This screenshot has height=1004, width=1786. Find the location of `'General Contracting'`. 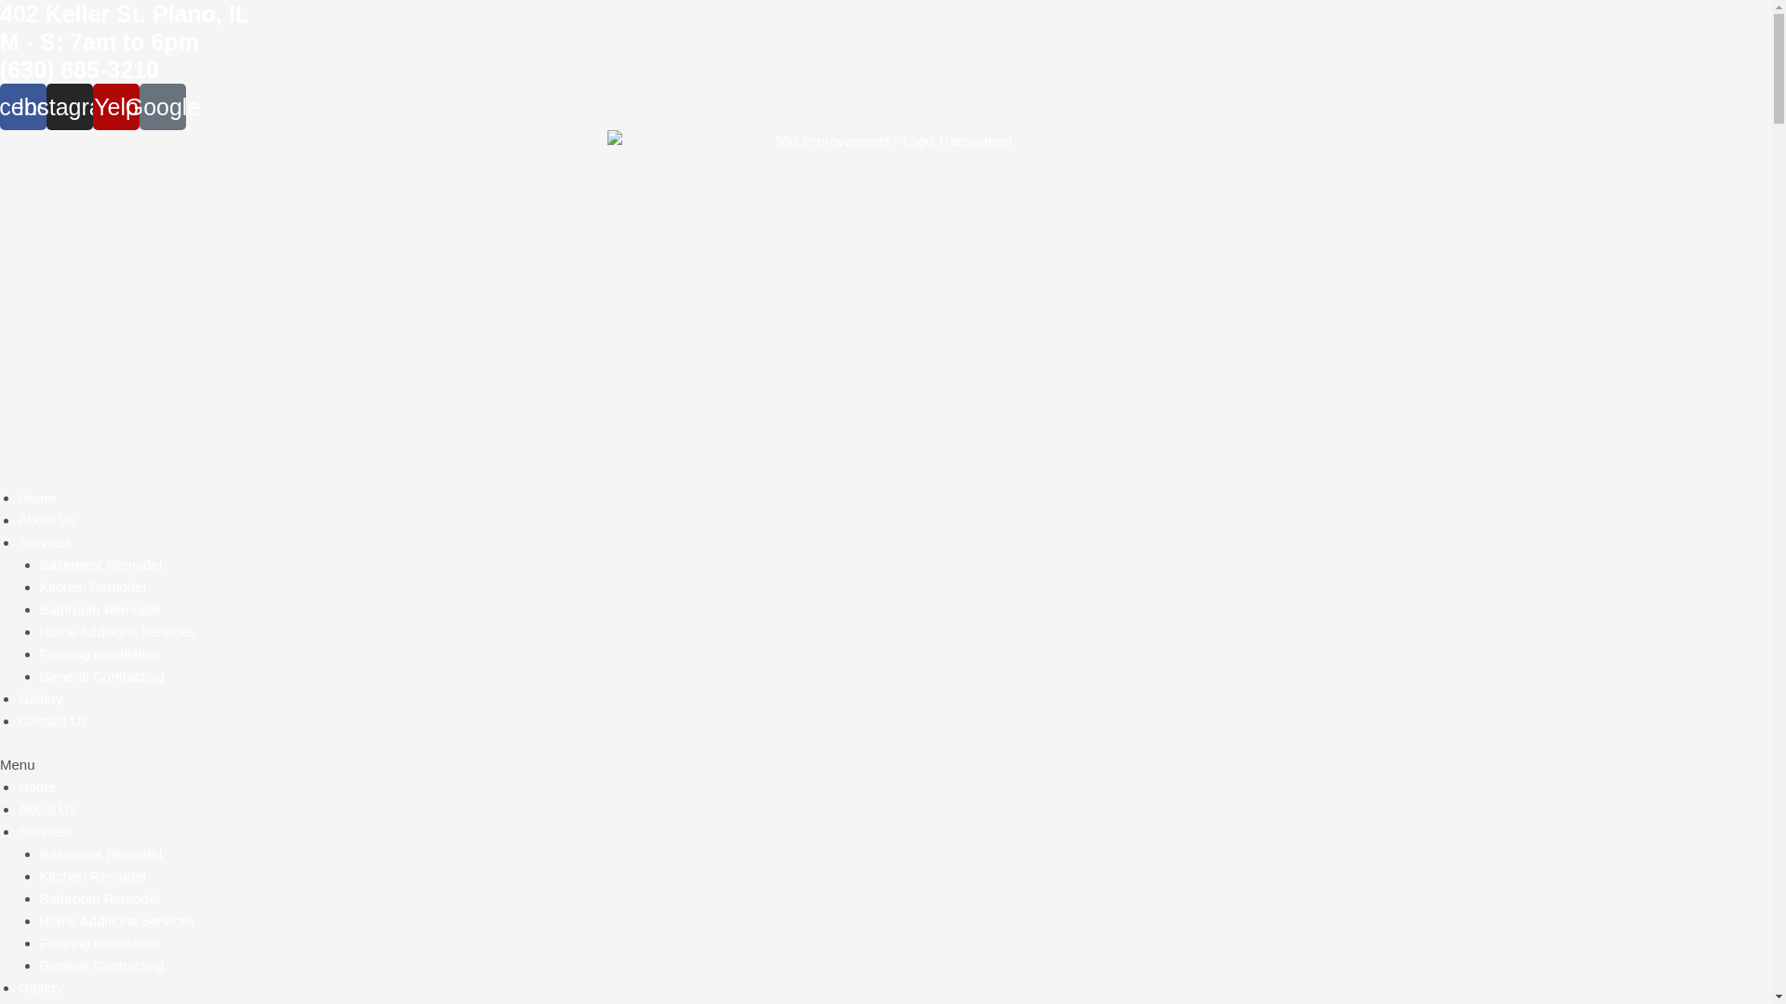

'General Contracting' is located at coordinates (100, 964).